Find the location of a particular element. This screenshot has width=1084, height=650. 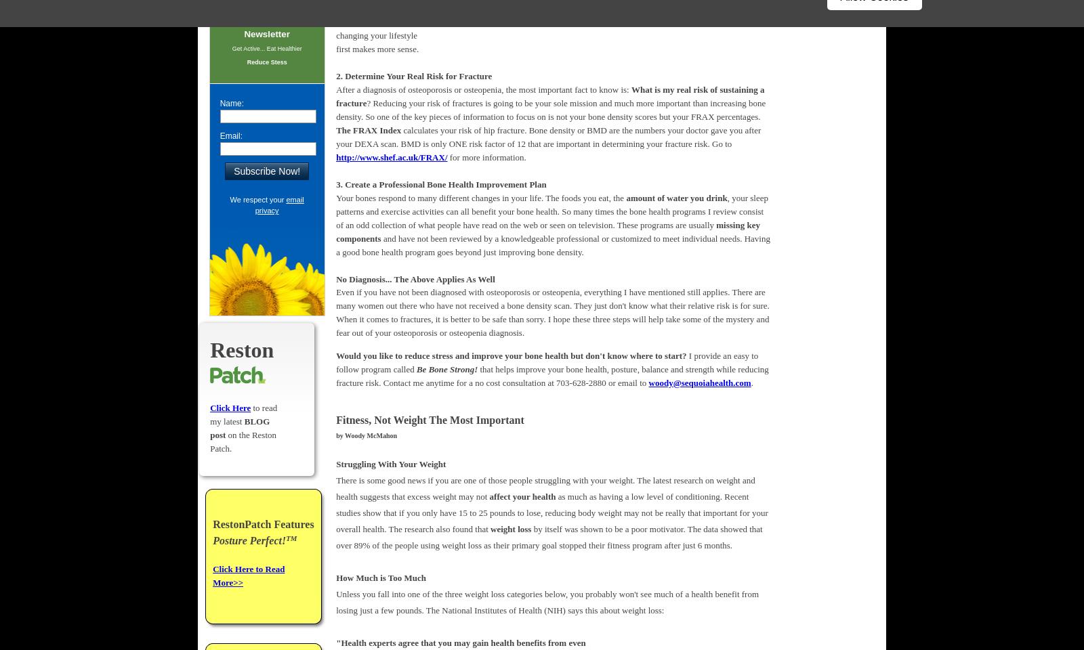

'Reston' is located at coordinates (241, 349).